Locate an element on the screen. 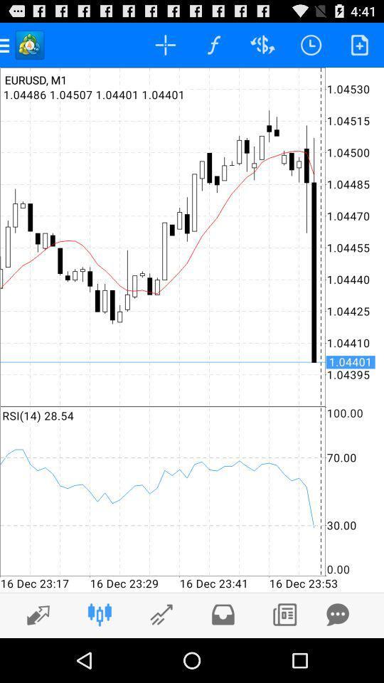 This screenshot has height=683, width=384. the timer which is on the top right side is located at coordinates (310, 44).